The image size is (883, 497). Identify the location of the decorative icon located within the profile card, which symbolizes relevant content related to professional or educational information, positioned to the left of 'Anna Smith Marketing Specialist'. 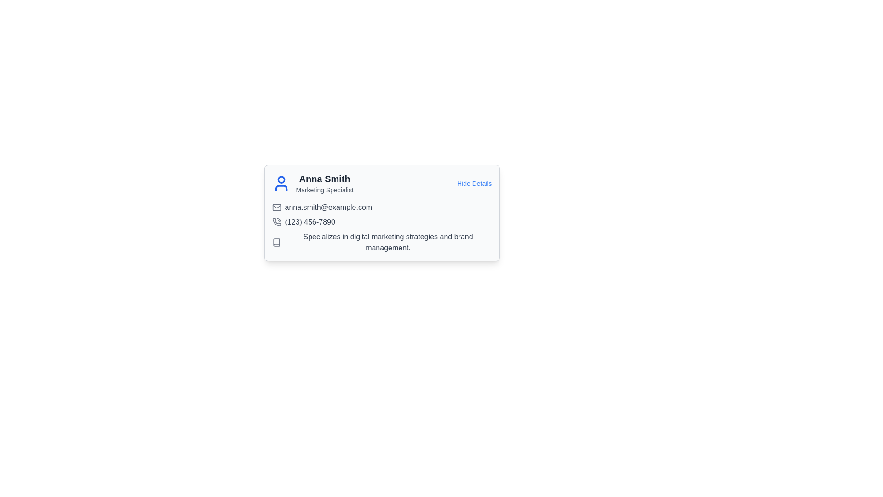
(276, 242).